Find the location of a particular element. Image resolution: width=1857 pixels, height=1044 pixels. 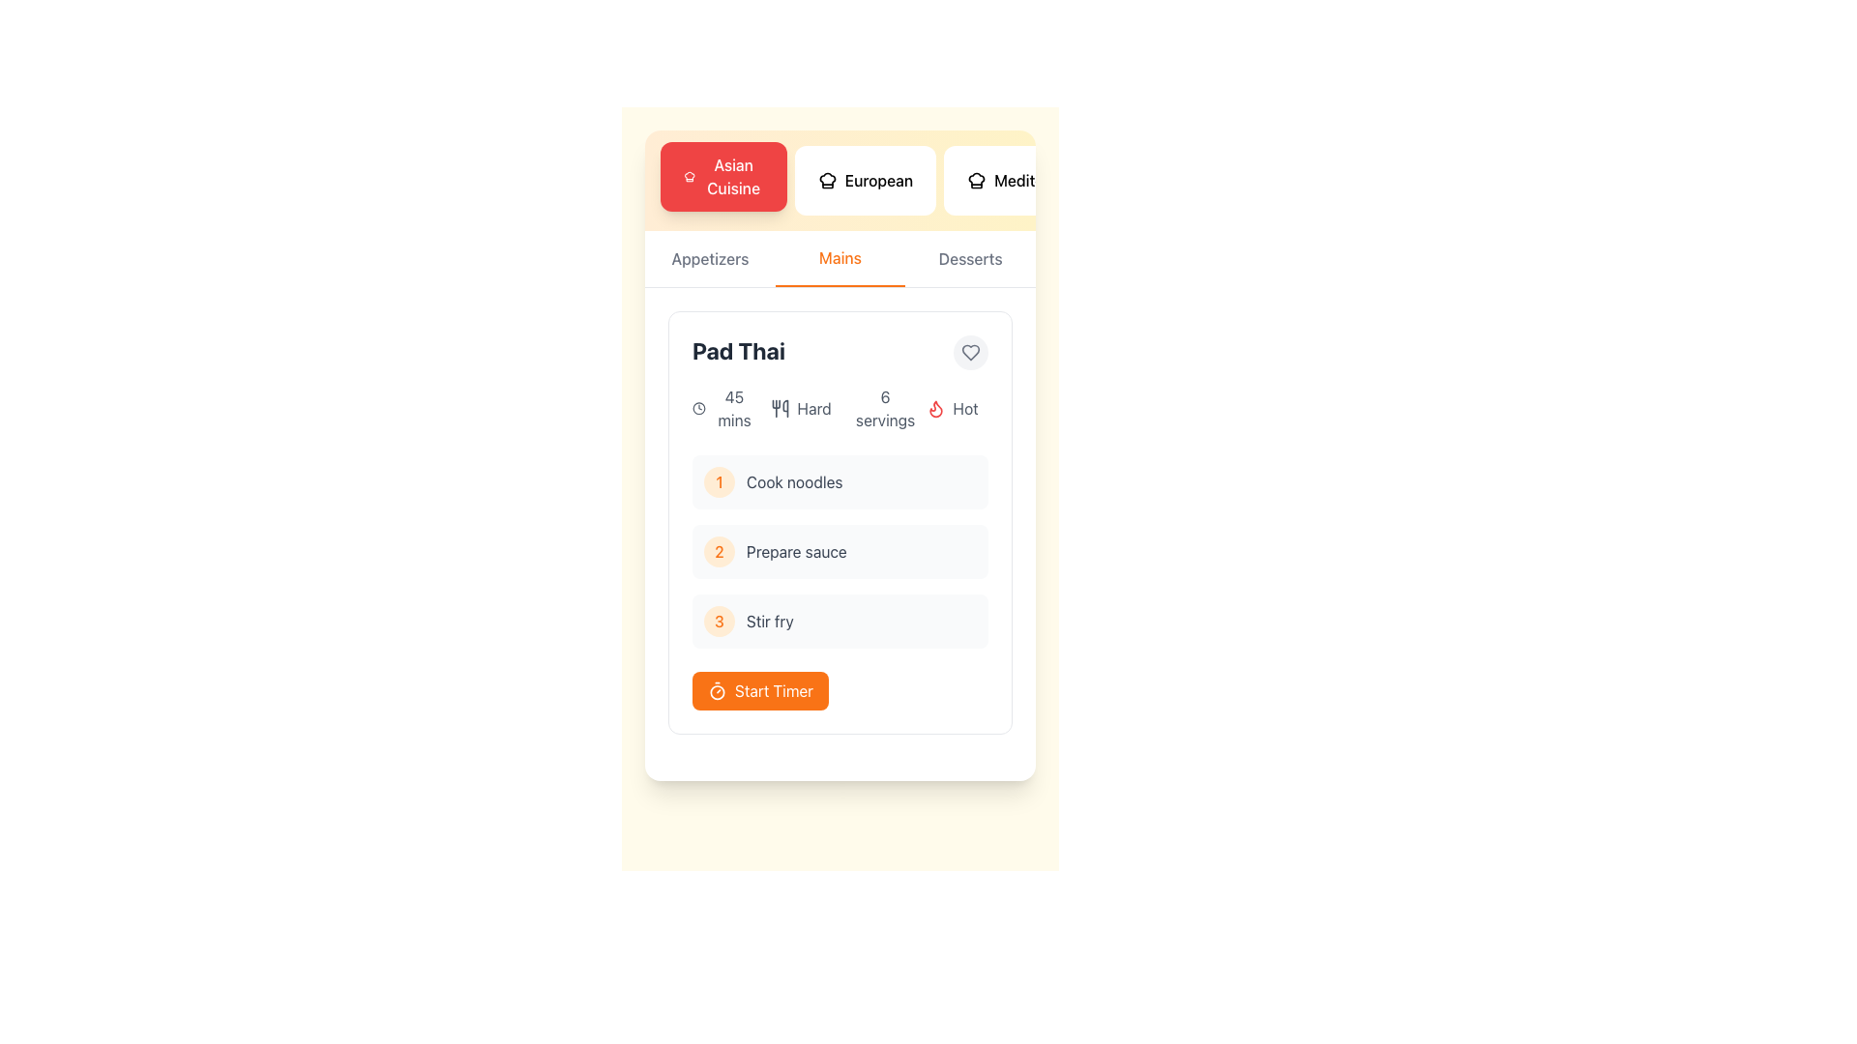

the chef hat icon within the 'European' button in the horizontal menu at the upper part of the interface is located at coordinates (827, 180).